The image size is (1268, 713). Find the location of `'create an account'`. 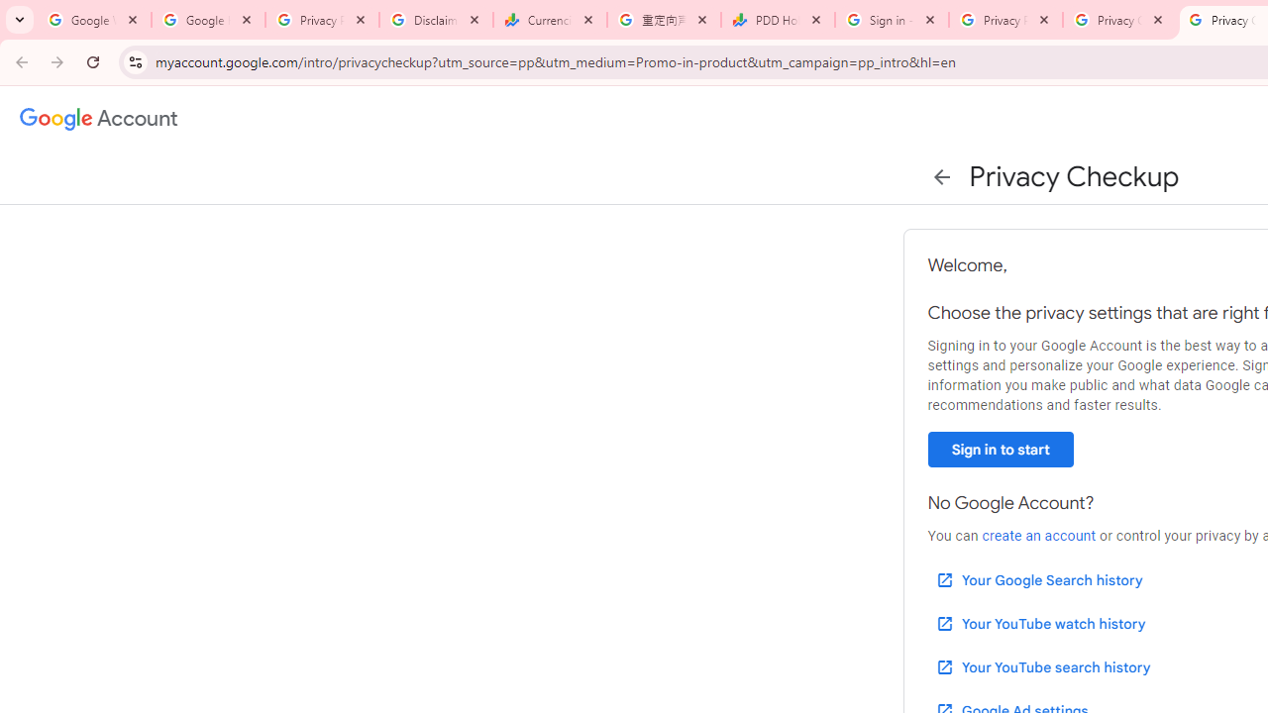

'create an account' is located at coordinates (1037, 536).